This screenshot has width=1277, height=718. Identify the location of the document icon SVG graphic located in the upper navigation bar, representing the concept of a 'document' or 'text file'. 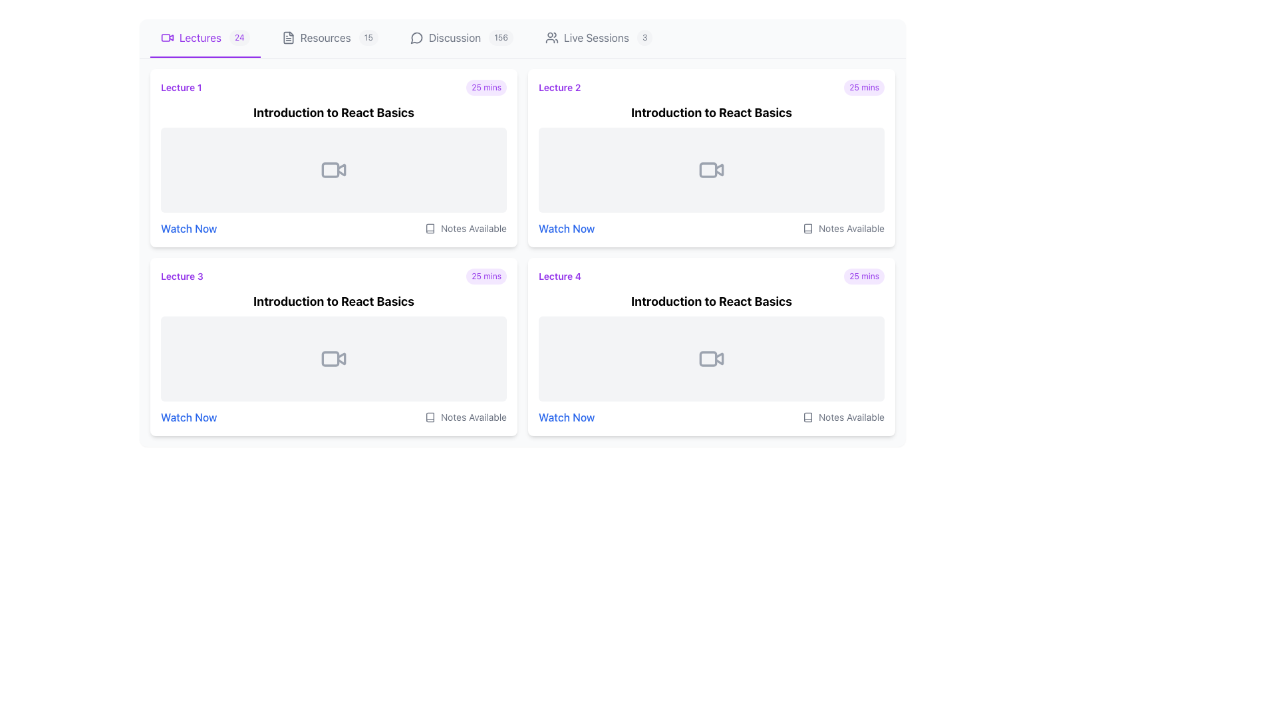
(287, 37).